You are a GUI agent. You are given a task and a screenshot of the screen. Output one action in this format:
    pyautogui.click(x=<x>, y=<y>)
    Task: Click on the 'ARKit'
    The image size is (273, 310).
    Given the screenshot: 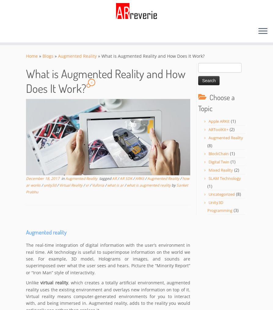 What is the action you would take?
    pyautogui.click(x=140, y=178)
    